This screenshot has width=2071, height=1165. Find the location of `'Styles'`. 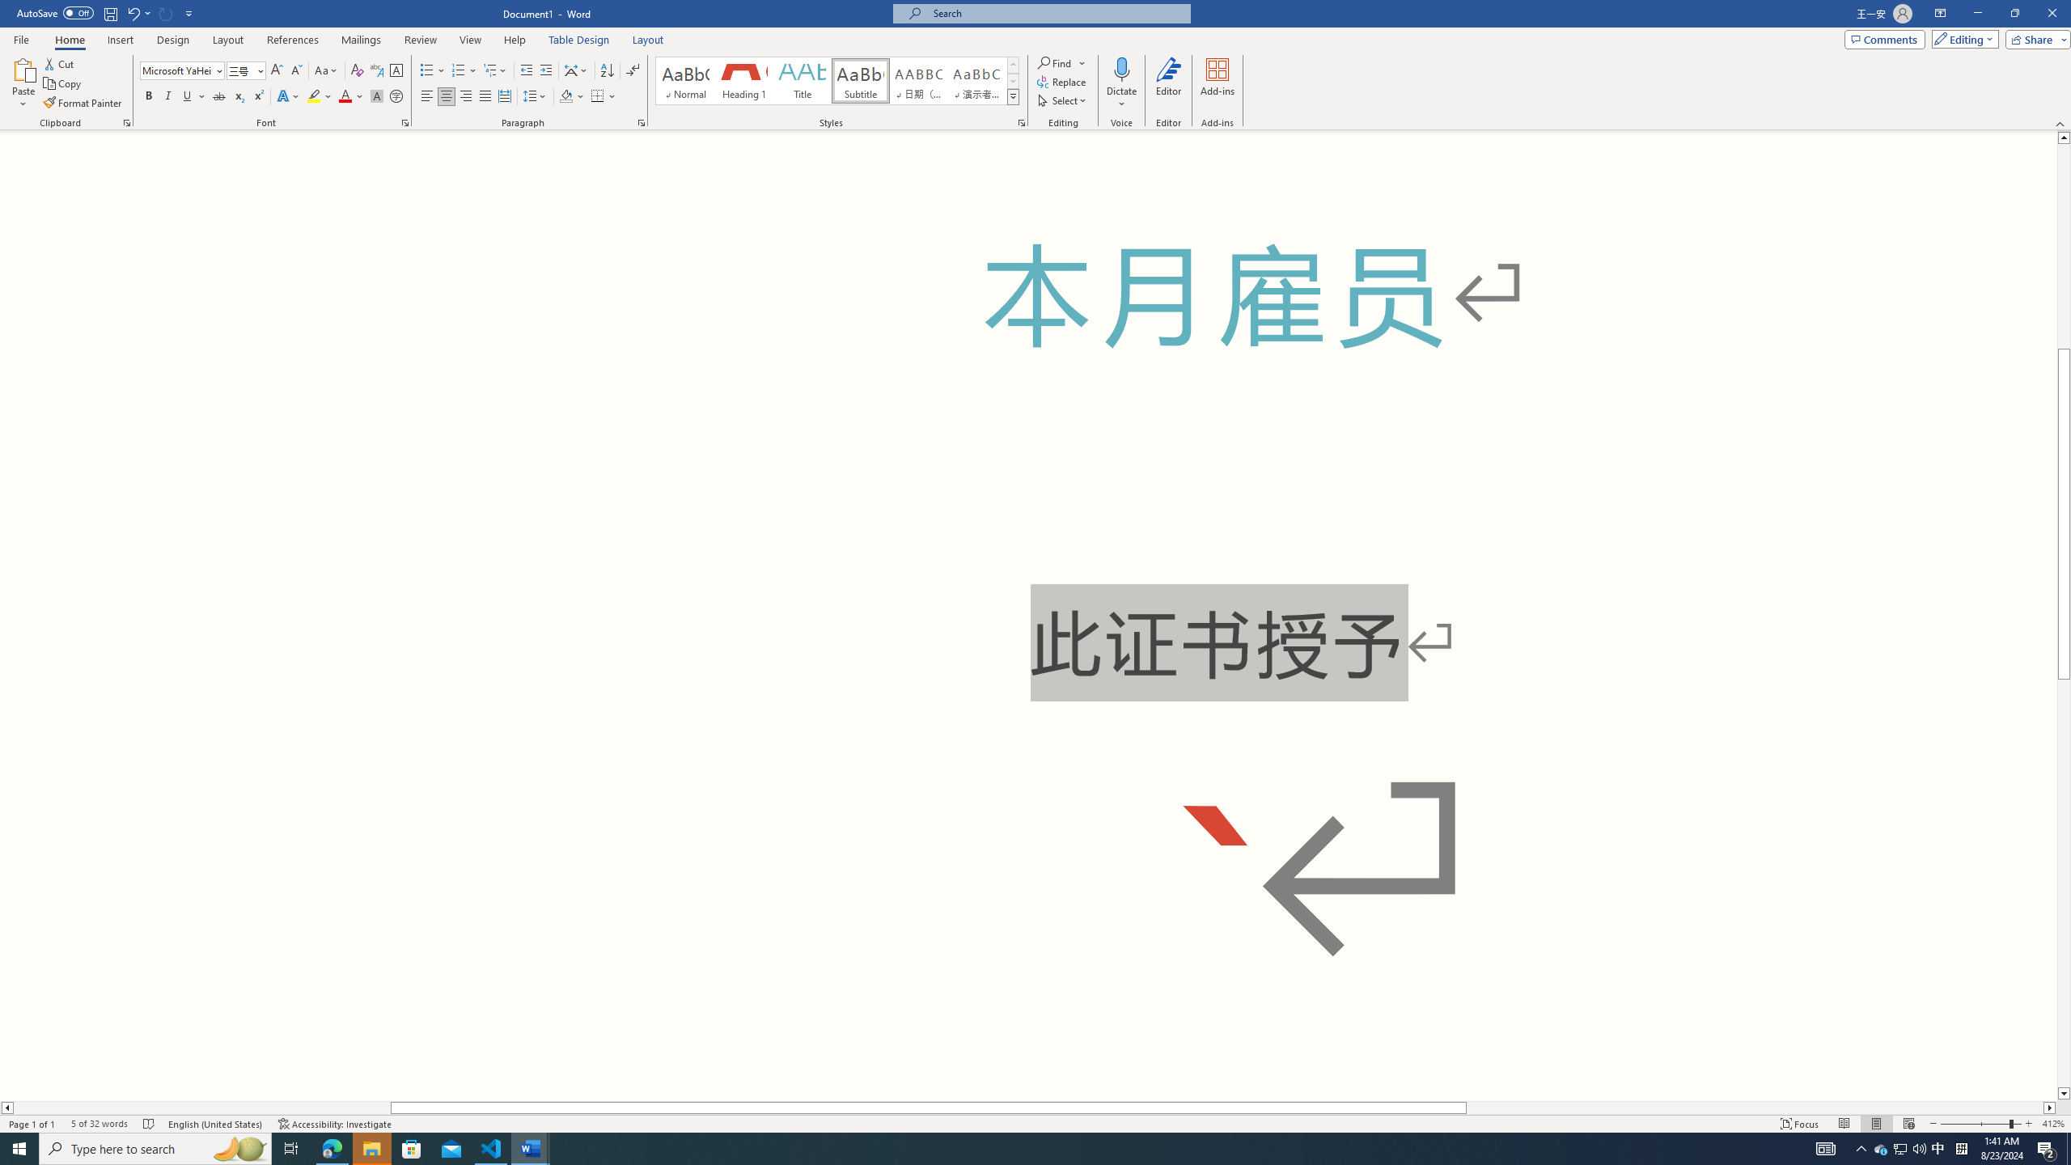

'Styles' is located at coordinates (1012, 95).